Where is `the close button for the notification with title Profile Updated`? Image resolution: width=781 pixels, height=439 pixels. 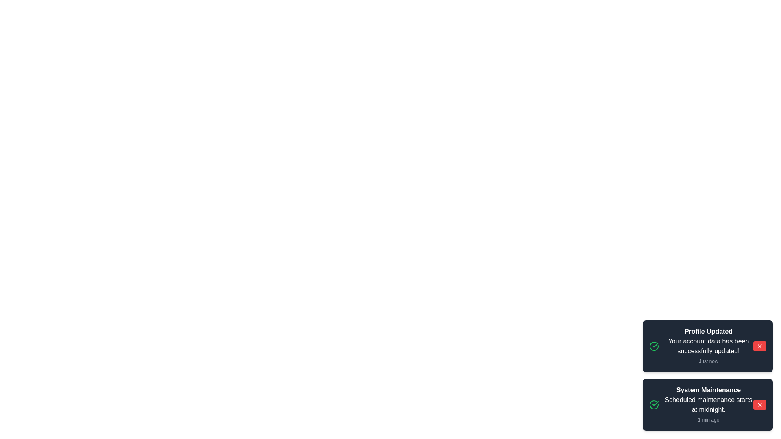
the close button for the notification with title Profile Updated is located at coordinates (759, 346).